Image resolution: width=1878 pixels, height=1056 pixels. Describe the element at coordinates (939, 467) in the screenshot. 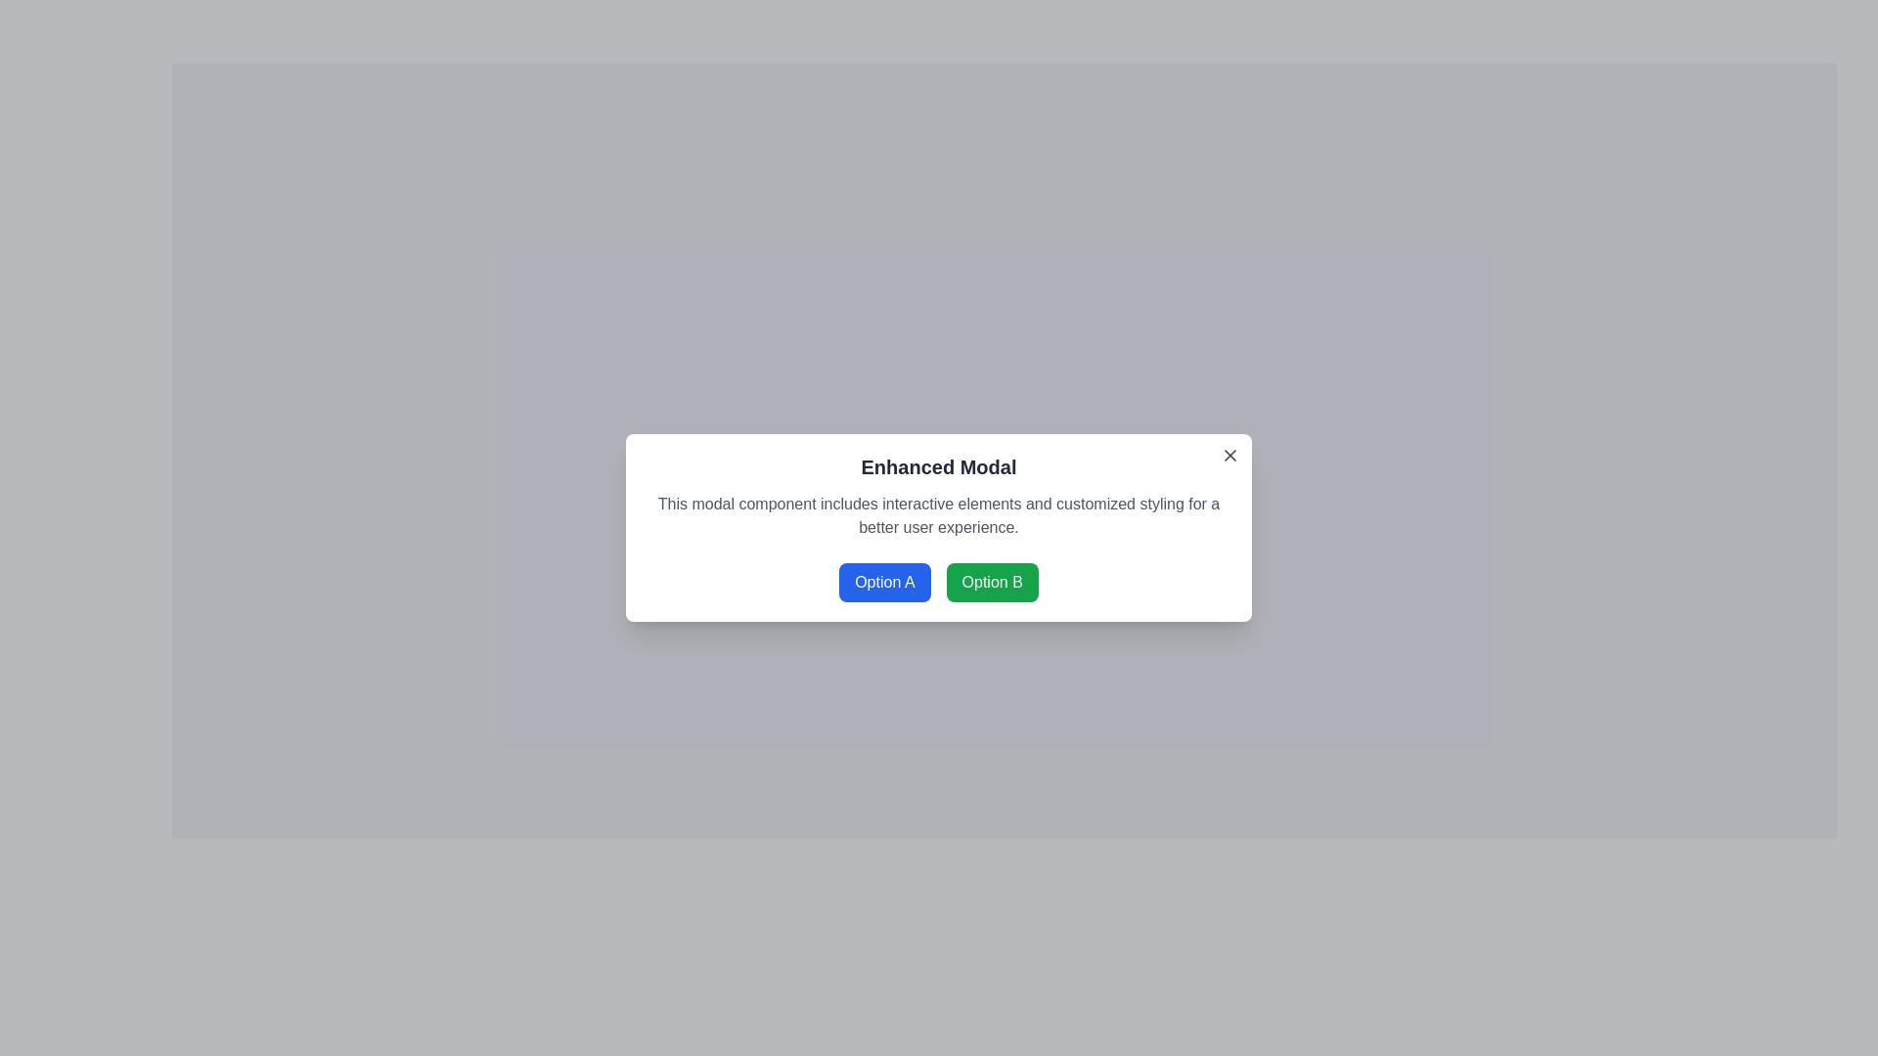

I see `the text element displaying 'Enhanced Modal' in bold at the top of the modal dialogue` at that location.